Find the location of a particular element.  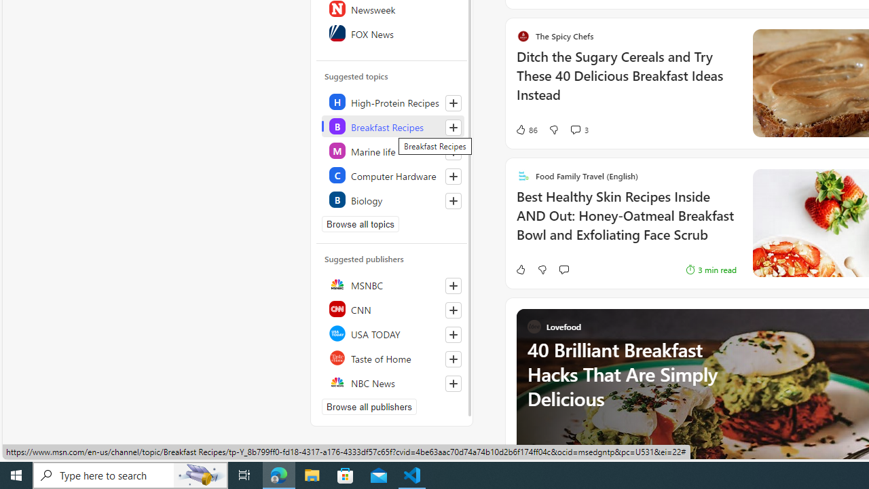

'View comments 3 Comment' is located at coordinates (579, 130).